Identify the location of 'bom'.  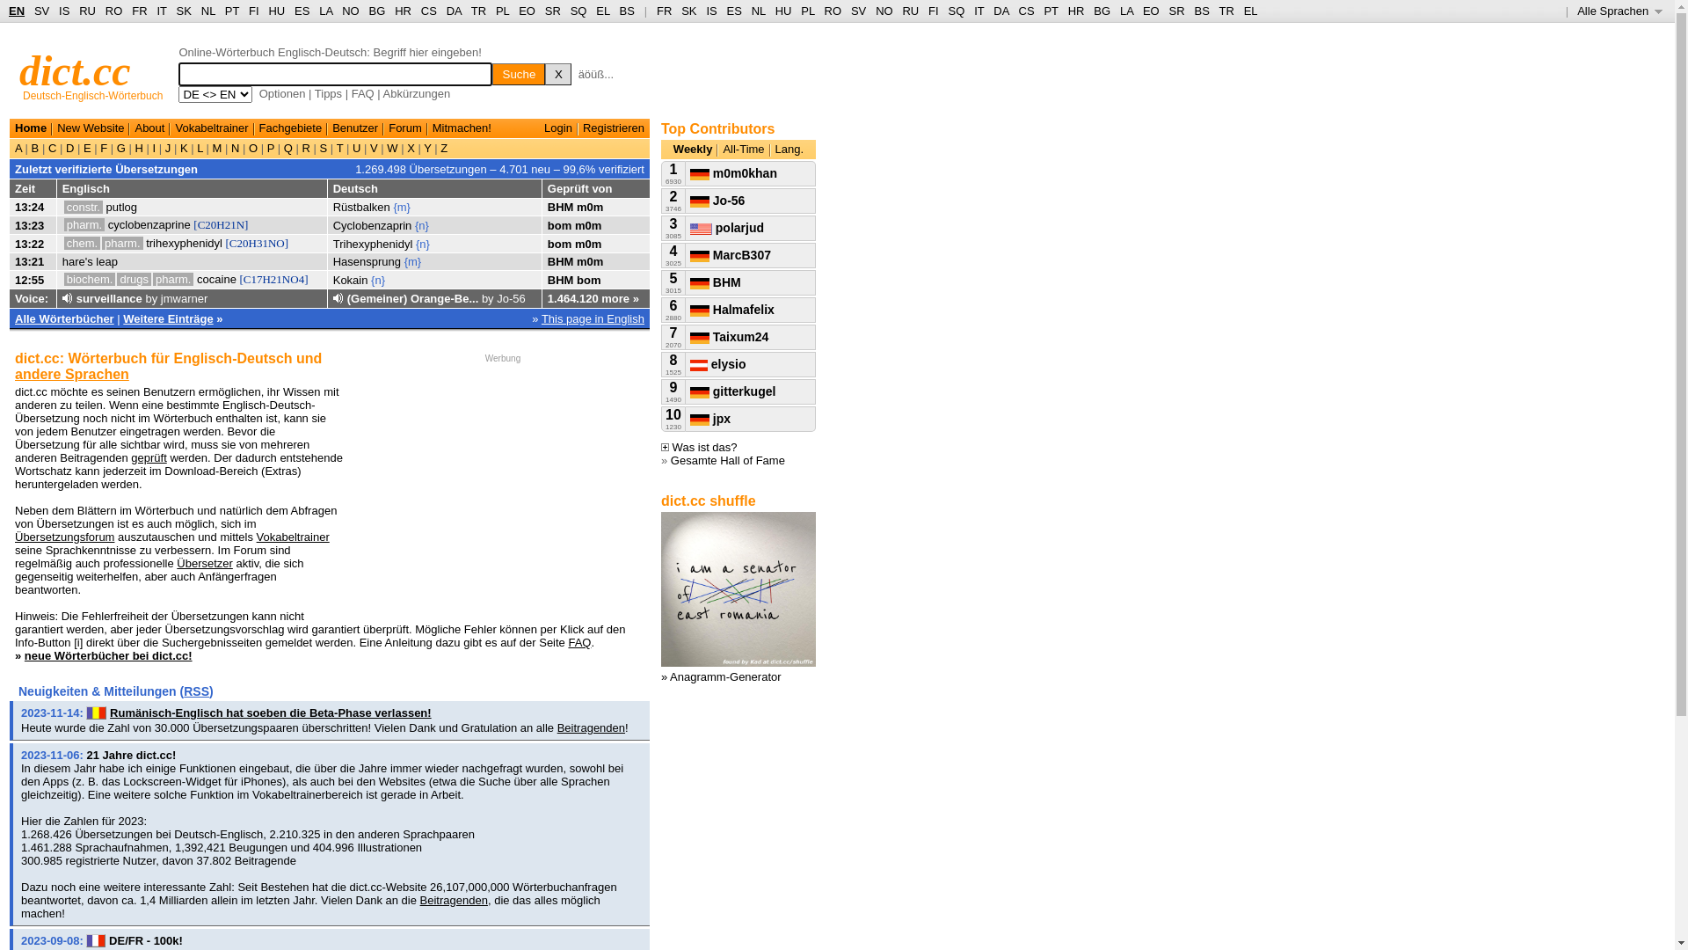
(558, 223).